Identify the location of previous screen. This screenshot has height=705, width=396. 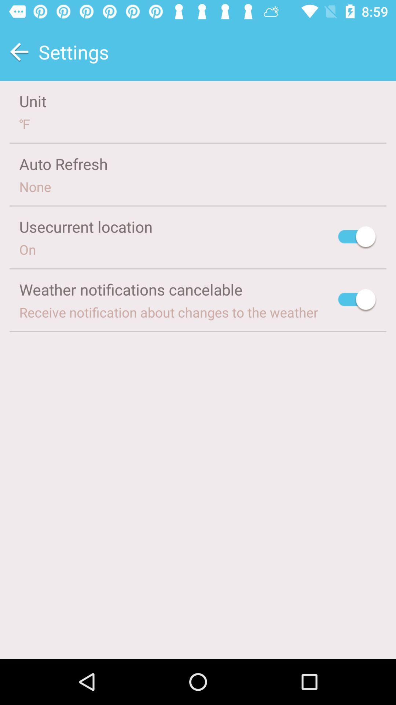
(19, 51).